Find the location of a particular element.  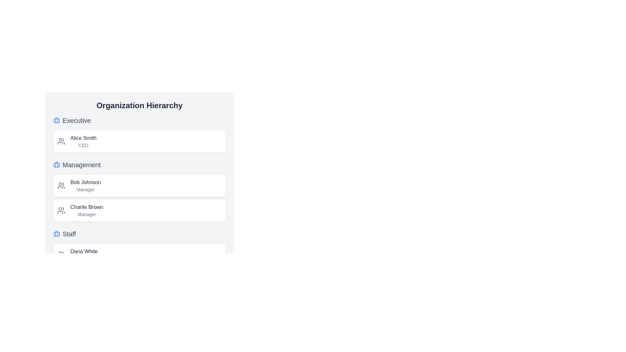

the text label that reads 'Dana White', which is styled in a medium font weight and dark gray color, located in the 'Staff' section above the role title 'Developer' is located at coordinates (83, 251).